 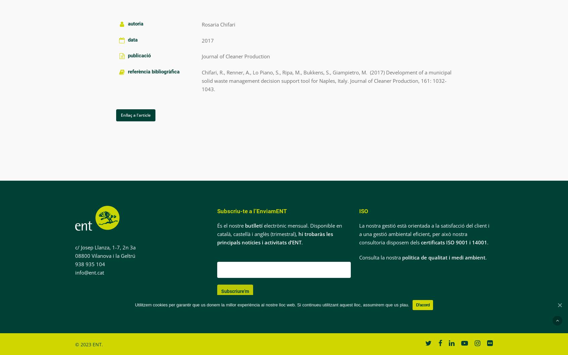 What do you see at coordinates (139, 55) in the screenshot?
I see `'publicació'` at bounding box center [139, 55].